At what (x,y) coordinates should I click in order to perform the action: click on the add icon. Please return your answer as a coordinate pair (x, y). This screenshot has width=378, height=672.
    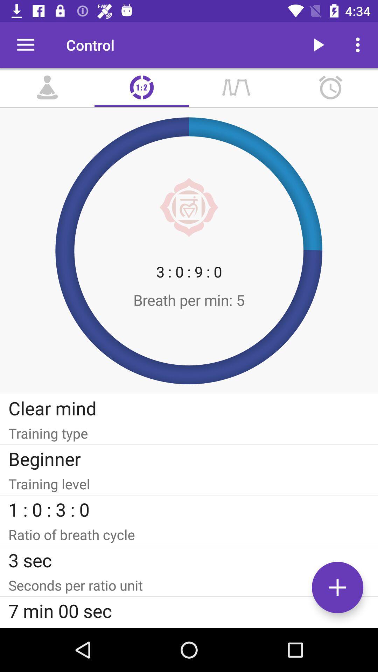
    Looking at the image, I should click on (337, 587).